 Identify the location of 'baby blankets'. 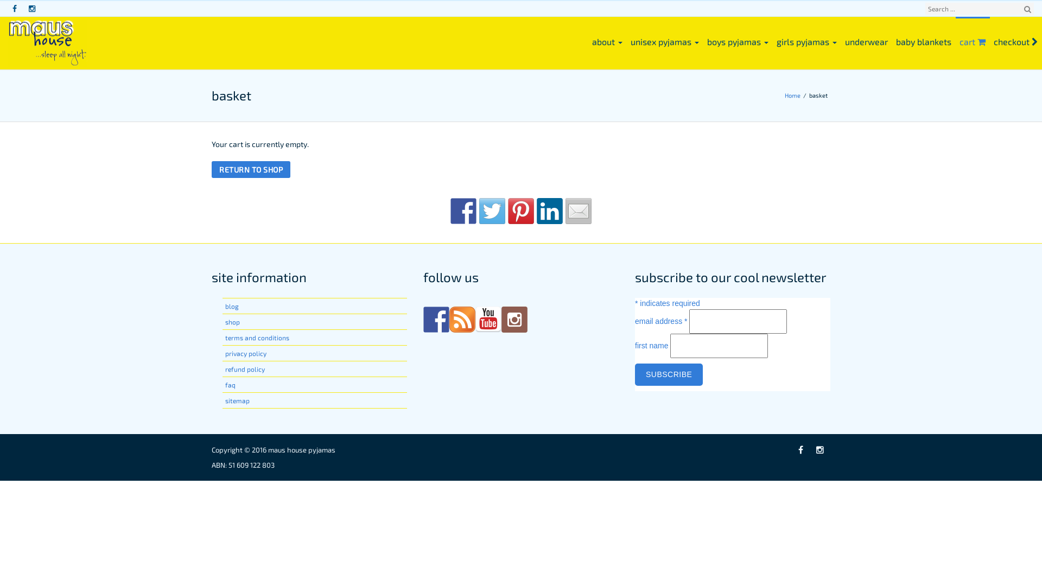
(923, 41).